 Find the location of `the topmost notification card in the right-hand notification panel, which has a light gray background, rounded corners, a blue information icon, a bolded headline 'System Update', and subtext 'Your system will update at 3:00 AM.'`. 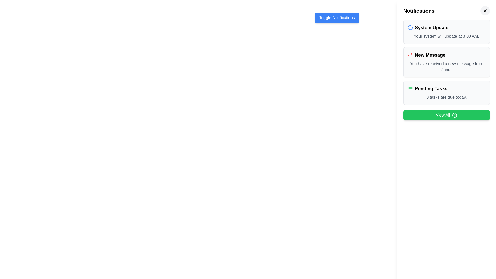

the topmost notification card in the right-hand notification panel, which has a light gray background, rounded corners, a blue information icon, a bolded headline 'System Update', and subtext 'Your system will update at 3:00 AM.' is located at coordinates (446, 32).